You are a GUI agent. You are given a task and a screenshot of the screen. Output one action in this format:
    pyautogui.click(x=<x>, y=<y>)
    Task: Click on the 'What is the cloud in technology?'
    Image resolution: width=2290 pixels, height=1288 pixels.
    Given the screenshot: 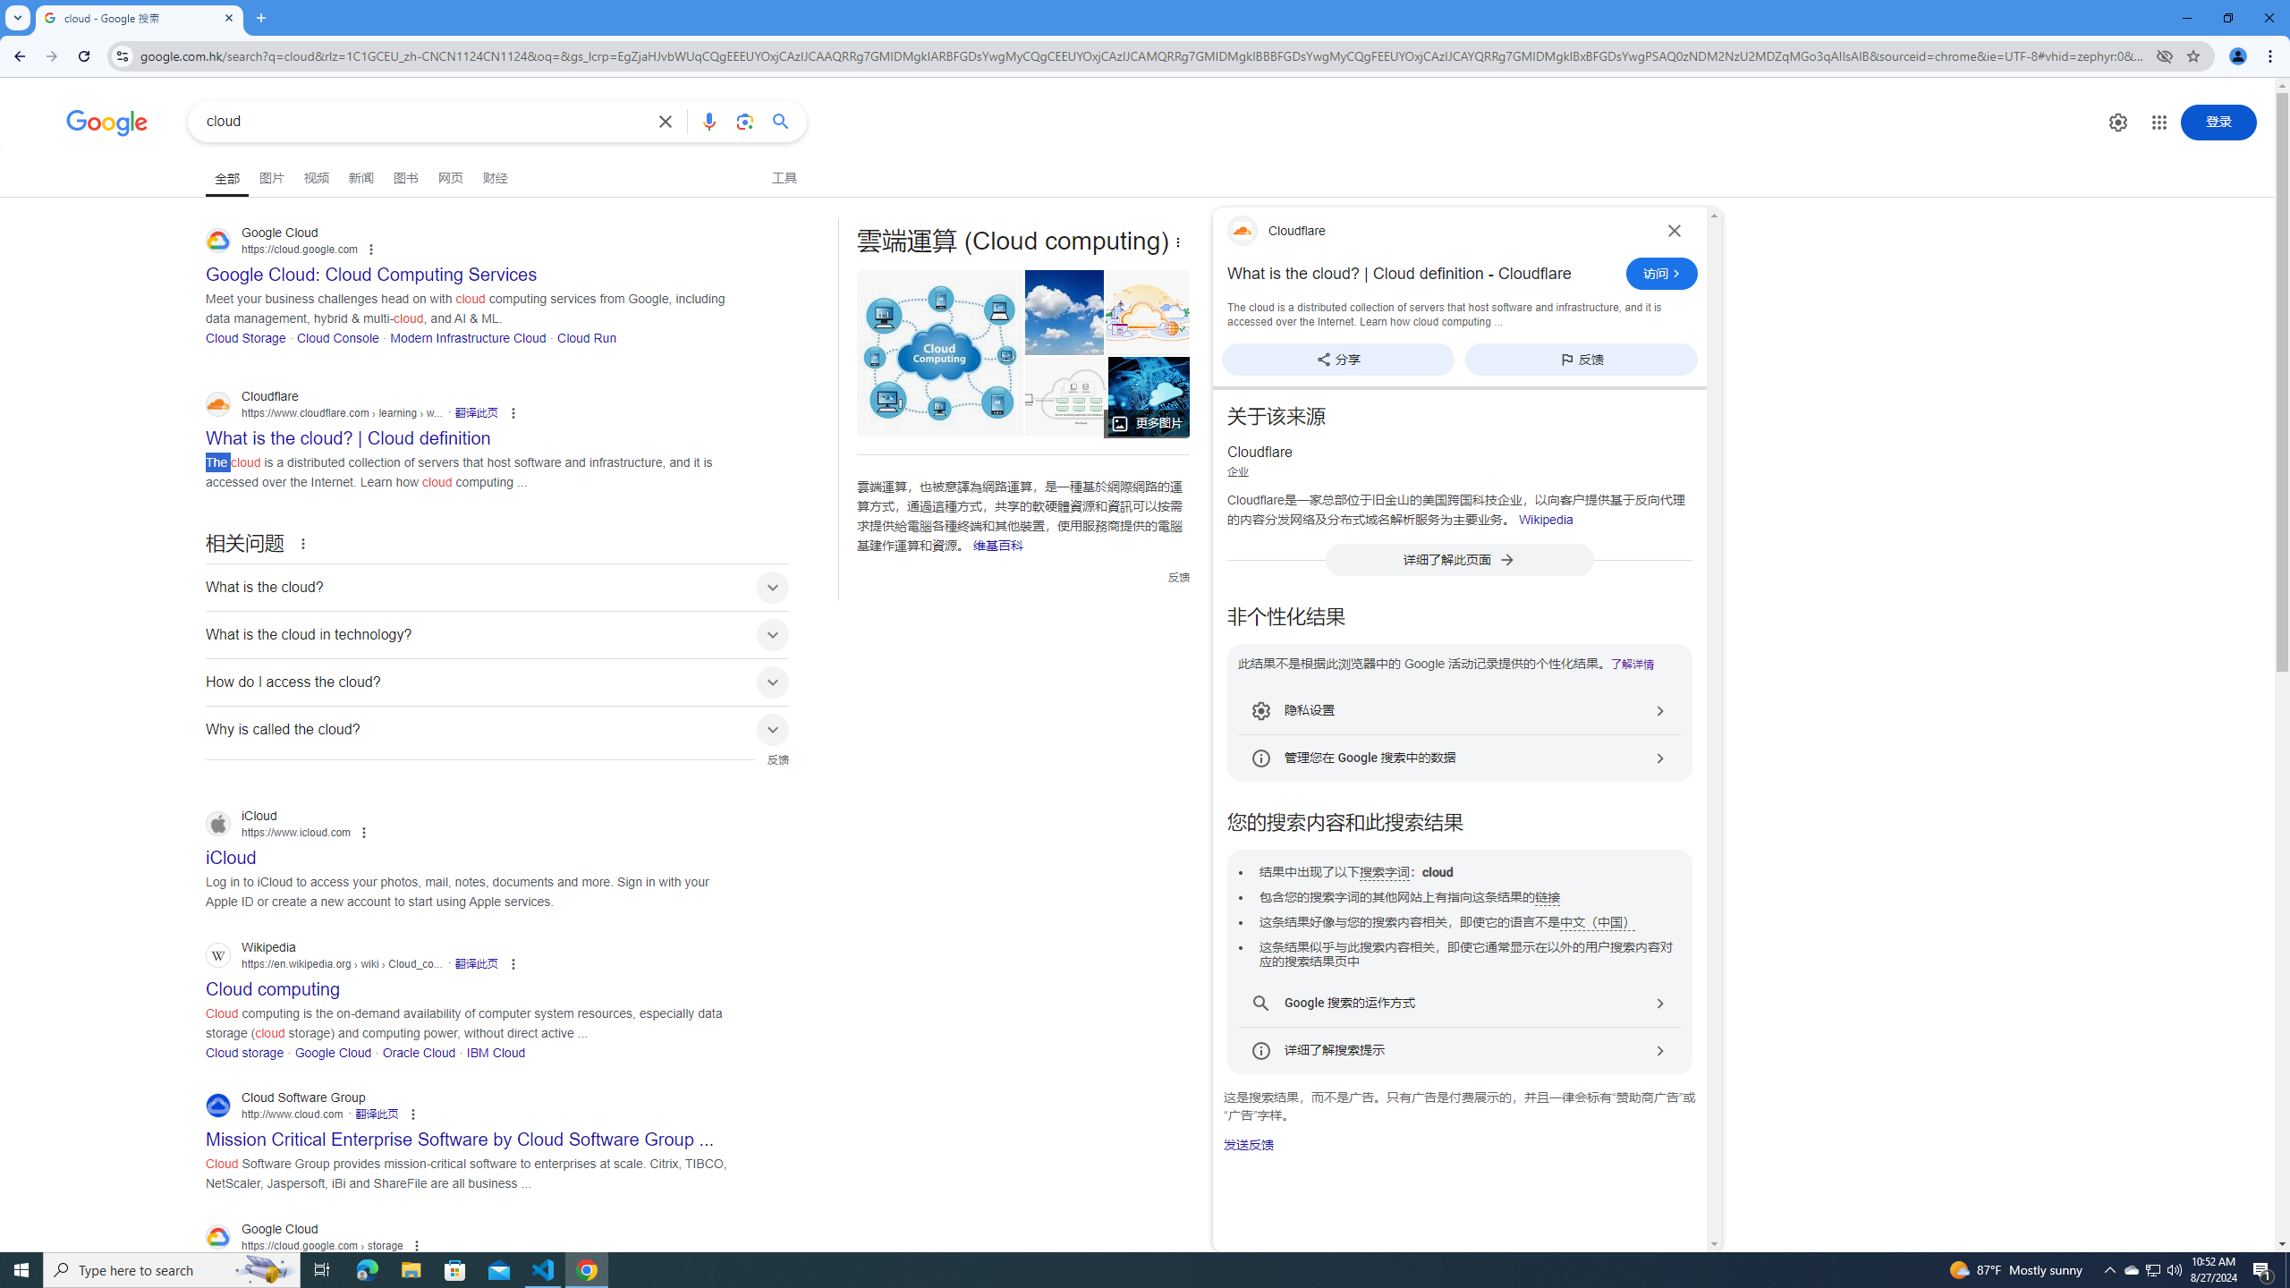 What is the action you would take?
    pyautogui.click(x=496, y=633)
    